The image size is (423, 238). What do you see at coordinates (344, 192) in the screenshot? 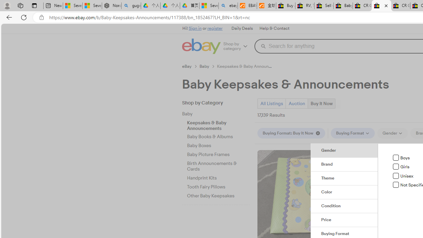
I see `'Color'` at bounding box center [344, 192].